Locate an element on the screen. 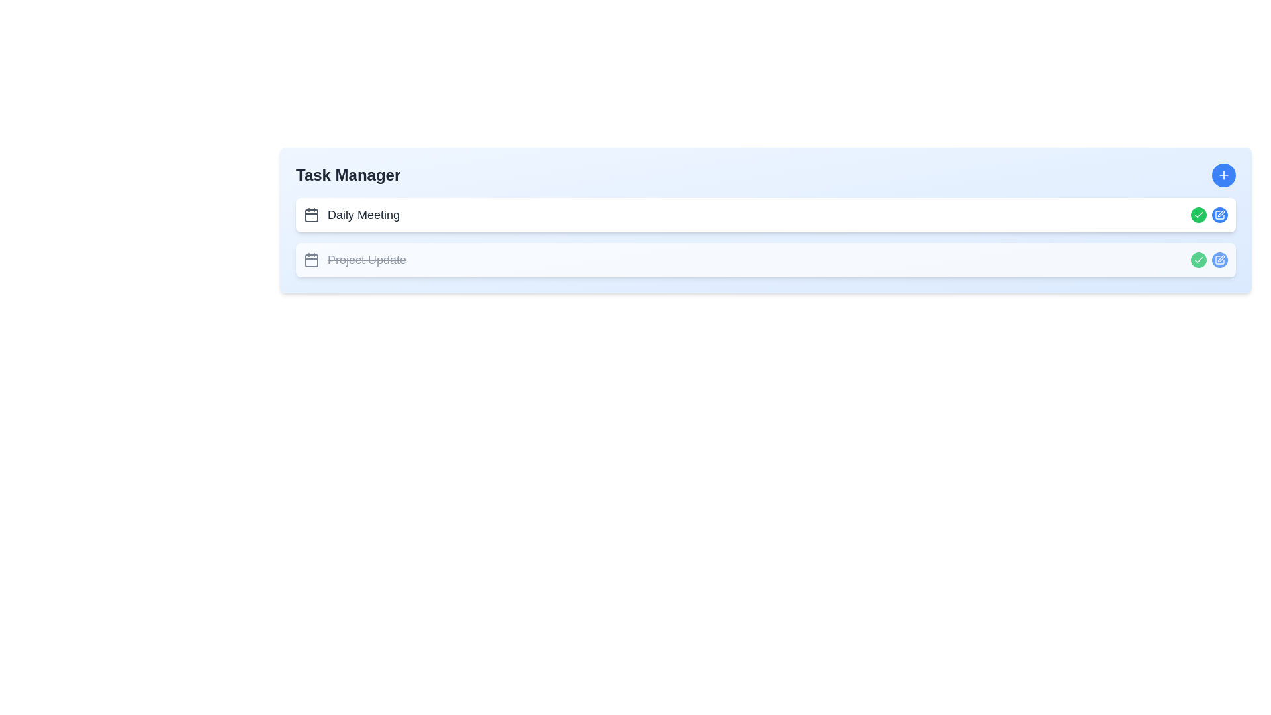 Image resolution: width=1271 pixels, height=715 pixels. the editing icon, which is a pen overlaid on a square is located at coordinates (1220, 258).